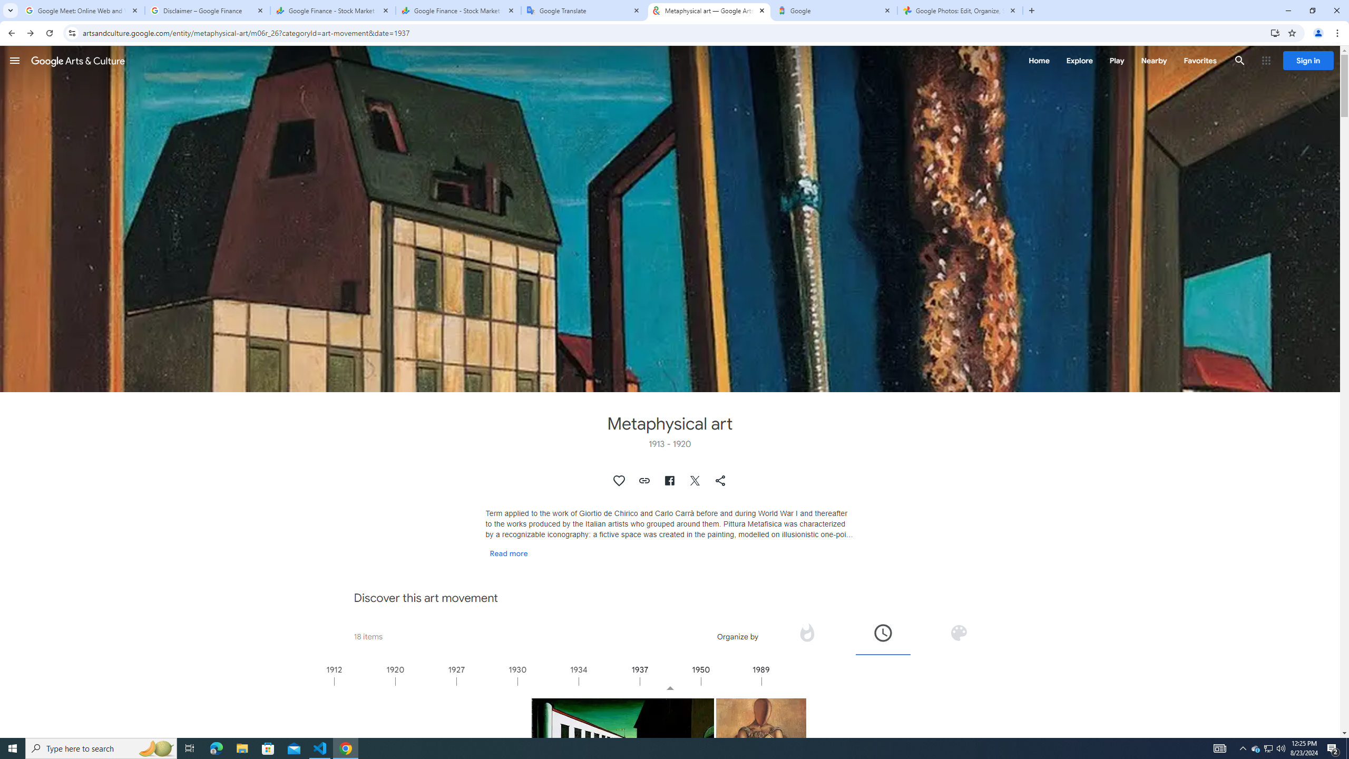  Describe the element at coordinates (834, 10) in the screenshot. I see `'Google'` at that location.